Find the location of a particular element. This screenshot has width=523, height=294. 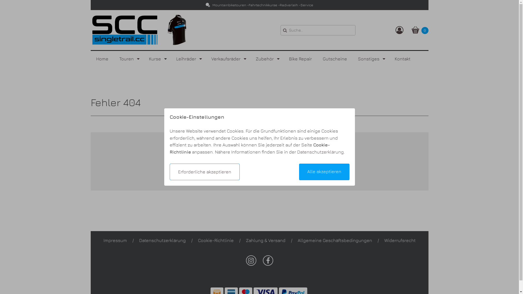

'Kontakt' is located at coordinates (402, 59).